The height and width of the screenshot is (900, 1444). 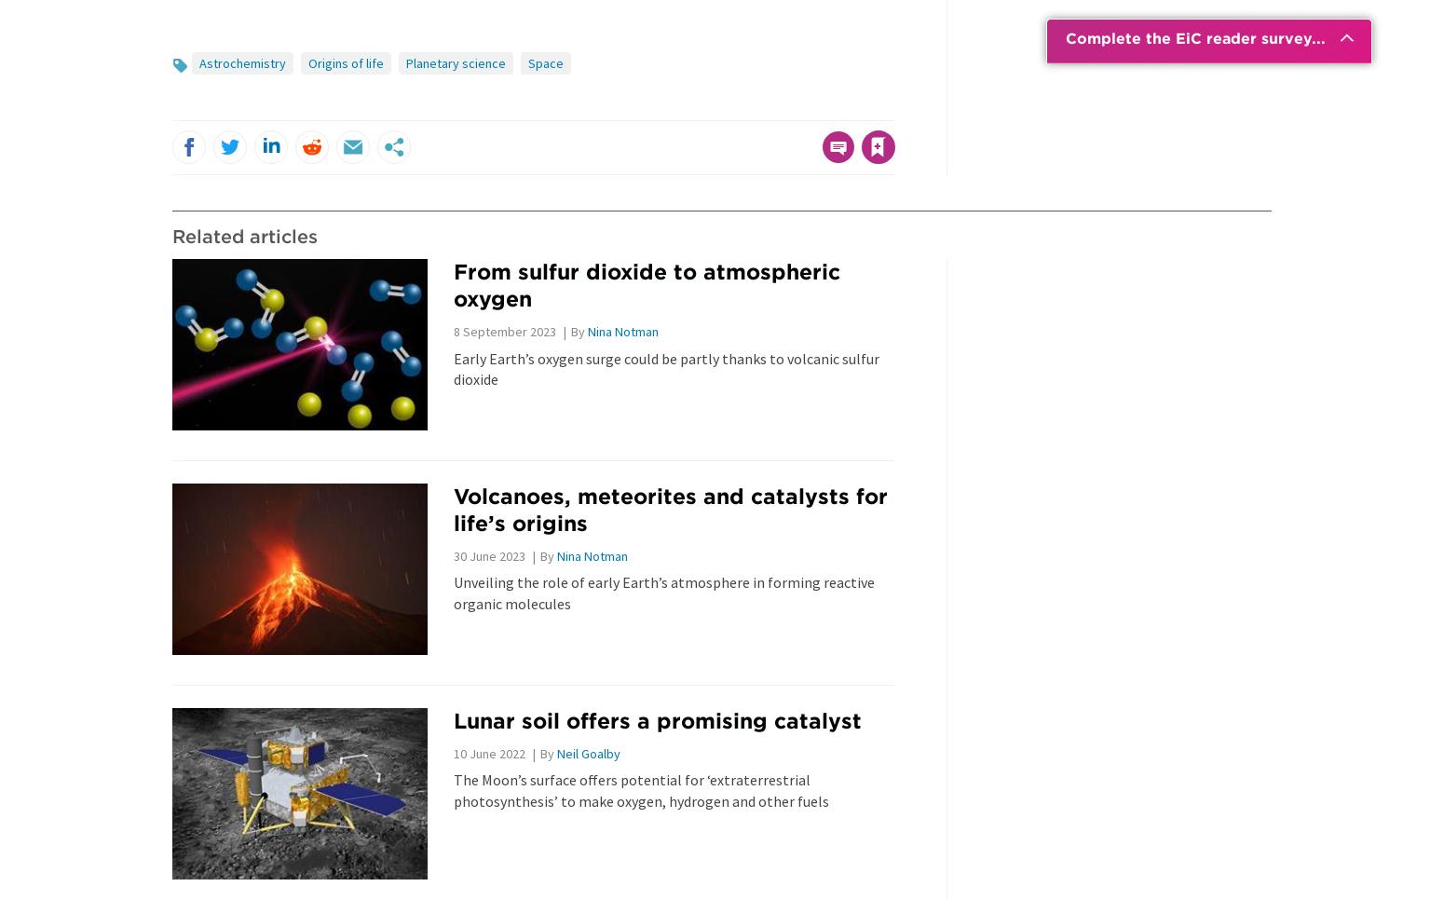 What do you see at coordinates (621, 108) in the screenshot?
I see `'Please'` at bounding box center [621, 108].